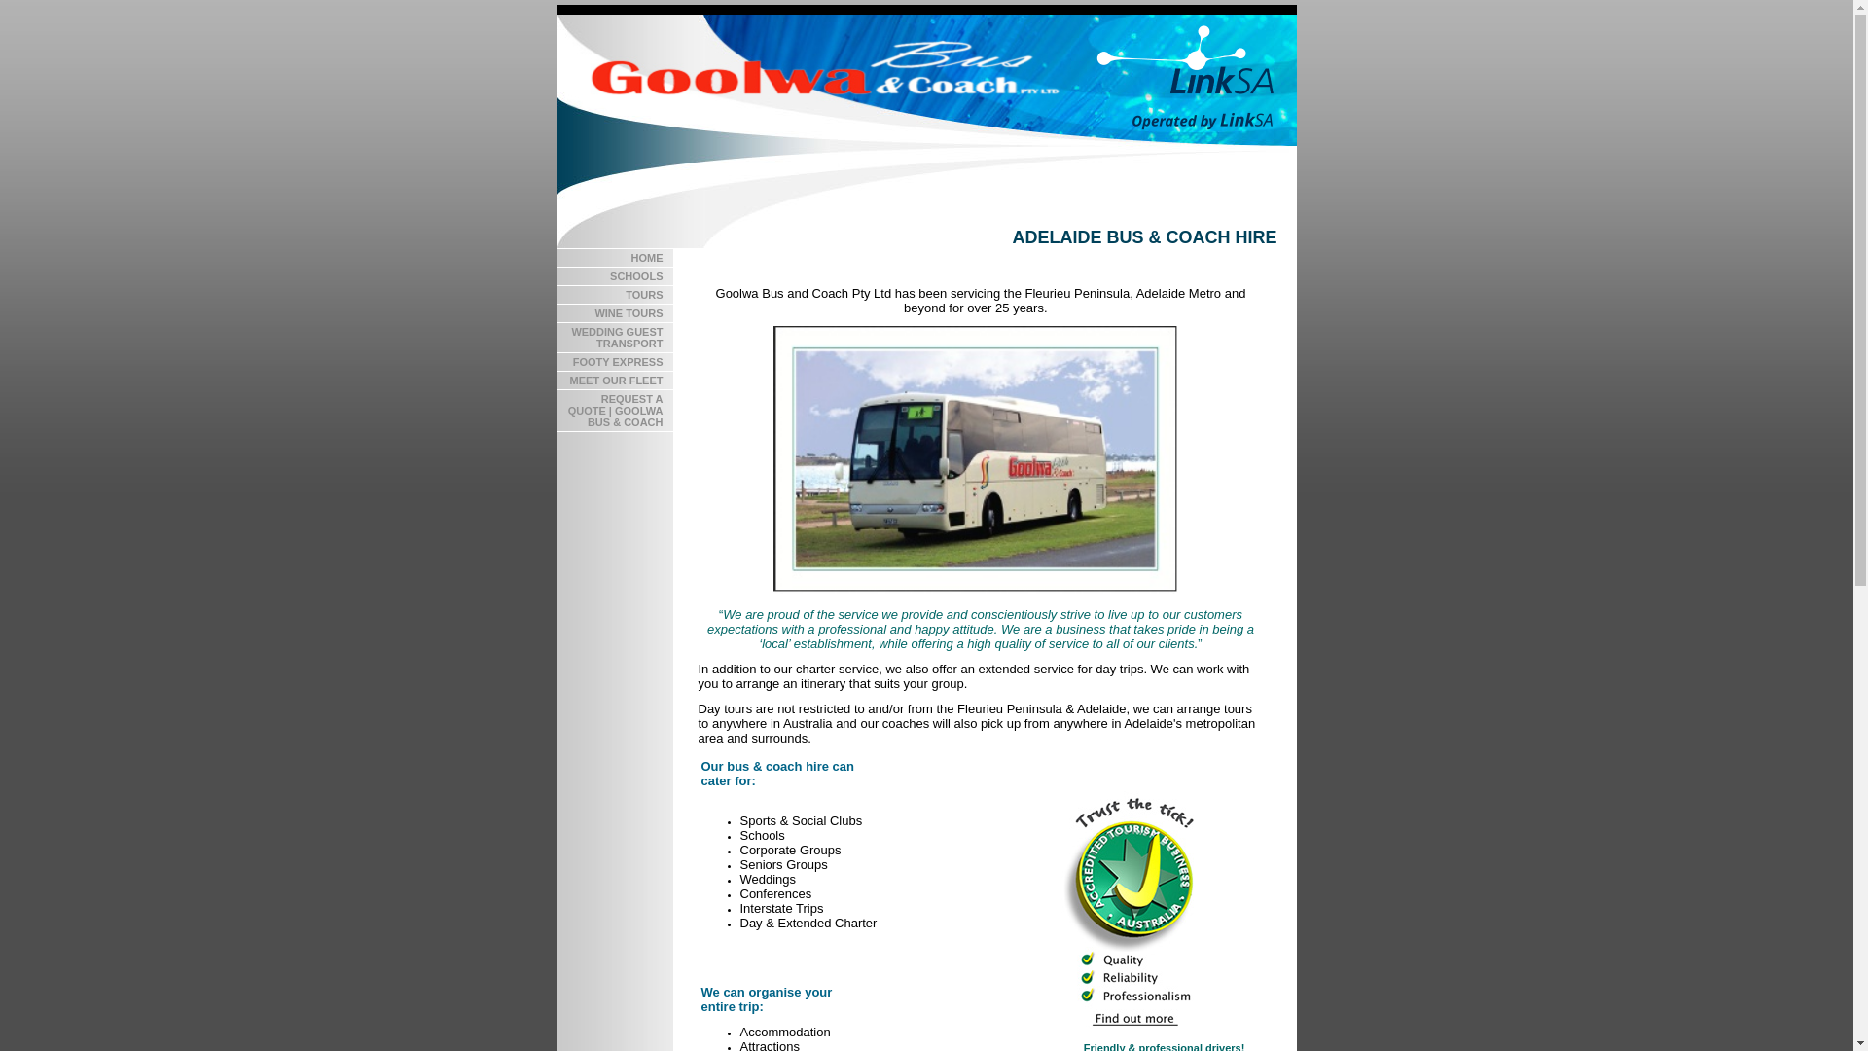  What do you see at coordinates (922, 78) in the screenshot?
I see `'Goolwa Bus and Coach - operated by LinkSA'` at bounding box center [922, 78].